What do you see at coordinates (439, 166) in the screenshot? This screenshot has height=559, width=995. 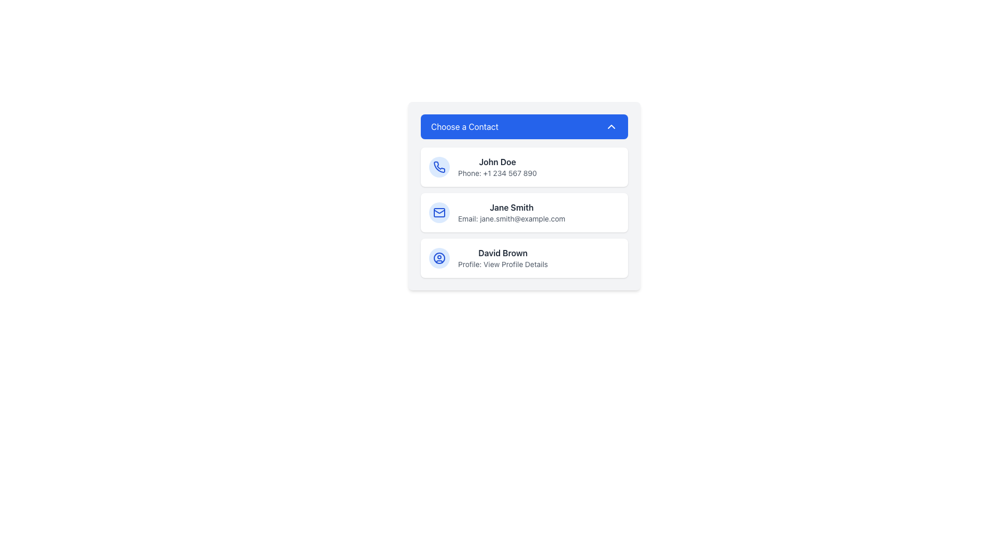 I see `the phone contact icon located on the left side of the 'John Doe' contact entry in the contact list section` at bounding box center [439, 166].